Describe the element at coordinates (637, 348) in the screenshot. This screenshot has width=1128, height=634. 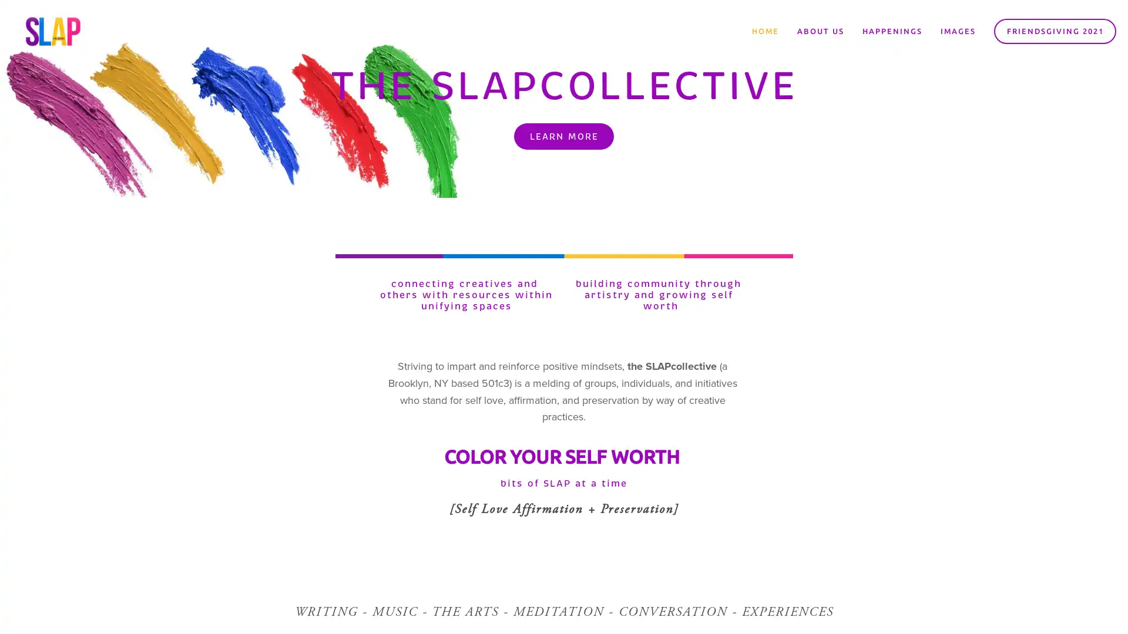
I see `get mo' SLAP!` at that location.